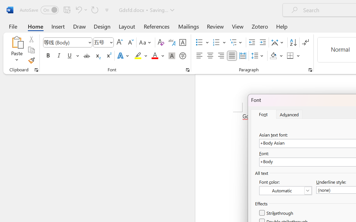 The width and height of the screenshot is (356, 222). Describe the element at coordinates (123, 56) in the screenshot. I see `'Text Effects and Typography'` at that location.